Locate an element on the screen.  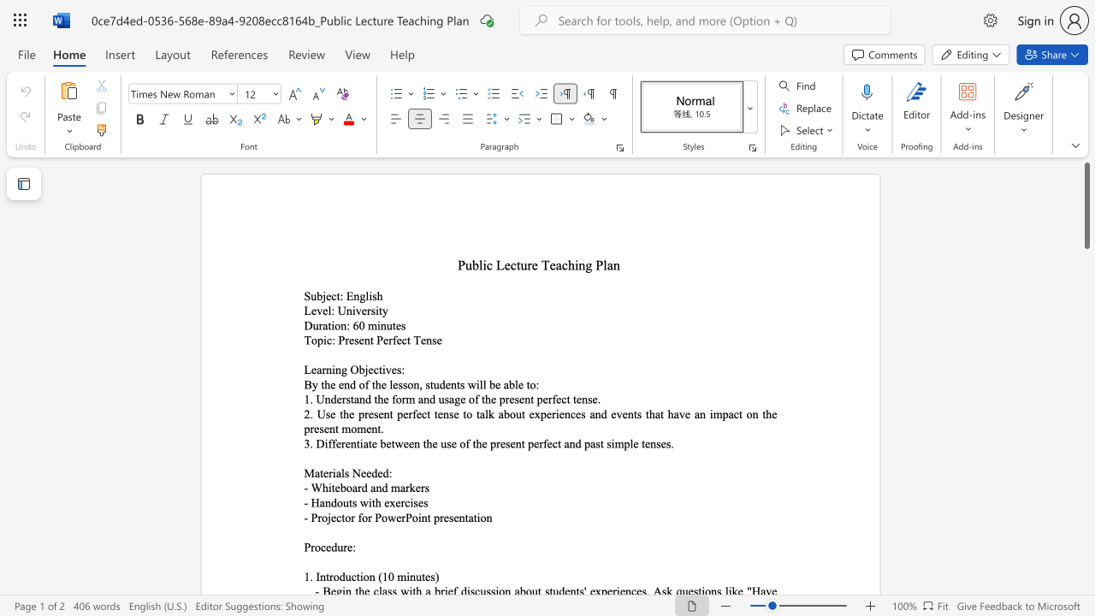
the scrollbar to move the page down is located at coordinates (1086, 435).